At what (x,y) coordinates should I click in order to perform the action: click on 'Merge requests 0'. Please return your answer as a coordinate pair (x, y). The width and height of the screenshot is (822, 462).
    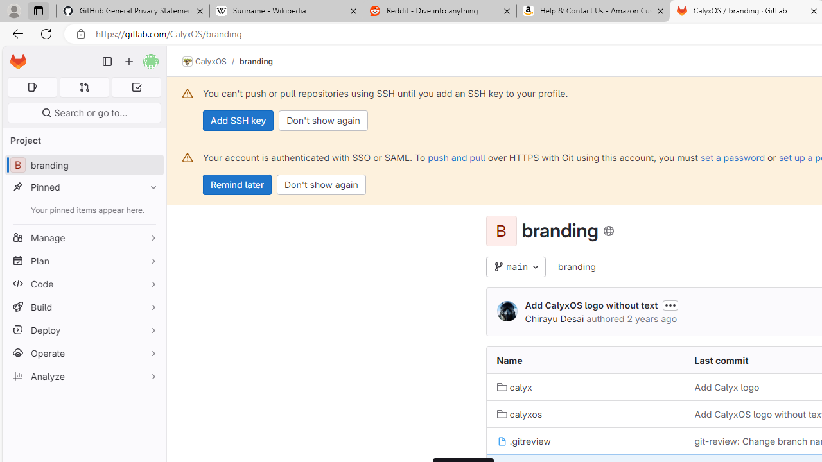
    Looking at the image, I should click on (83, 87).